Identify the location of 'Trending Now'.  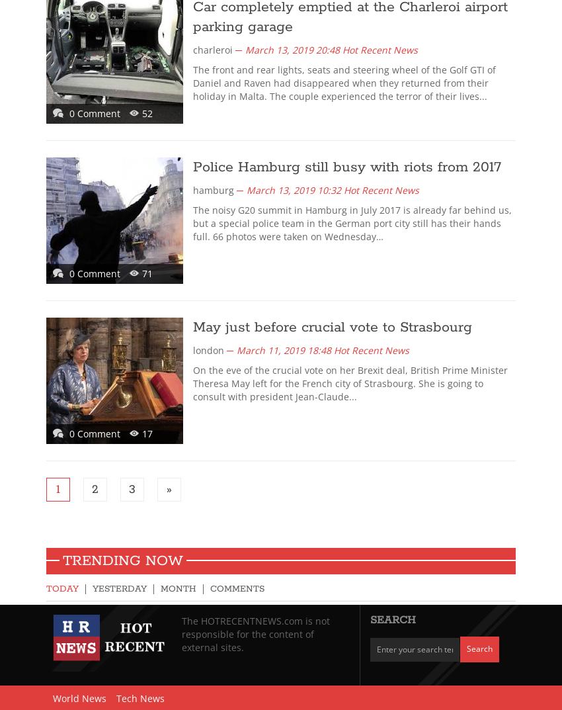
(122, 560).